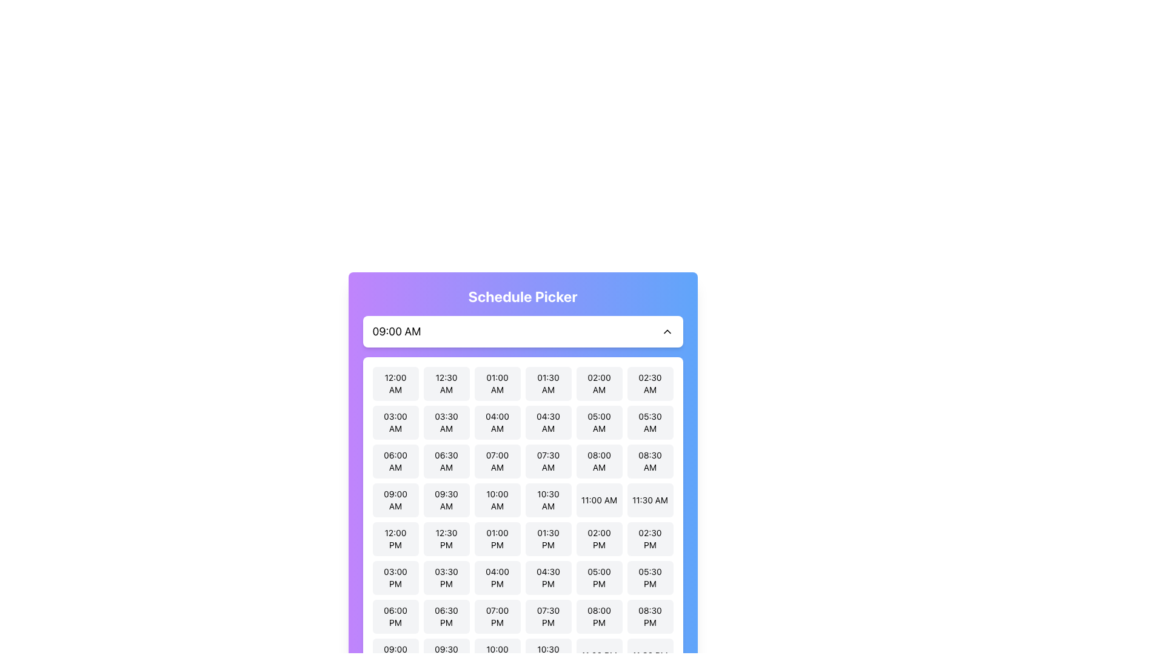  What do you see at coordinates (649, 461) in the screenshot?
I see `the rectangular button labeled '08:30 AM' with a light gray background` at bounding box center [649, 461].